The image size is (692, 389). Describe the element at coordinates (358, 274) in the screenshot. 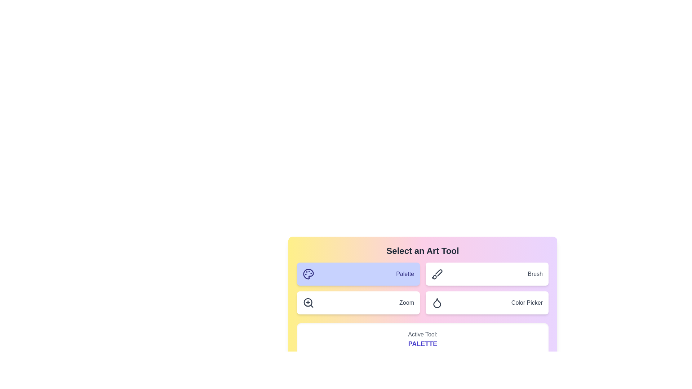

I see `the tool Palette by clicking its corresponding button` at that location.